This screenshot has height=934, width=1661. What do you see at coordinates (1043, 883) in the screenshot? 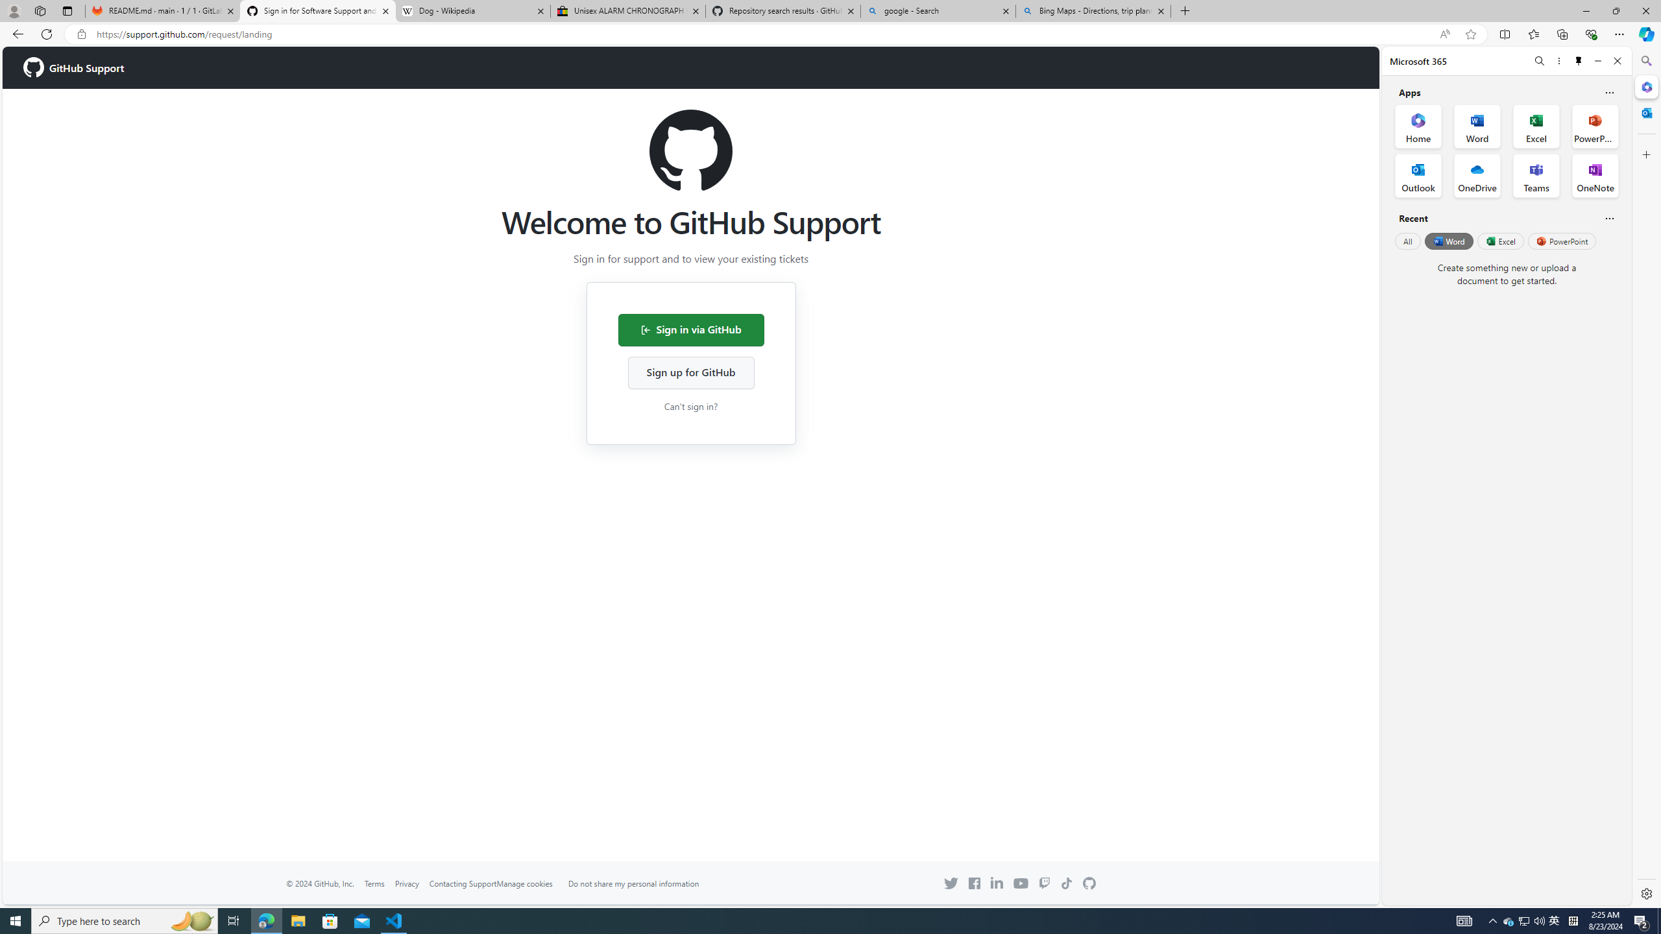
I see `'GitHub on Twitch'` at bounding box center [1043, 883].